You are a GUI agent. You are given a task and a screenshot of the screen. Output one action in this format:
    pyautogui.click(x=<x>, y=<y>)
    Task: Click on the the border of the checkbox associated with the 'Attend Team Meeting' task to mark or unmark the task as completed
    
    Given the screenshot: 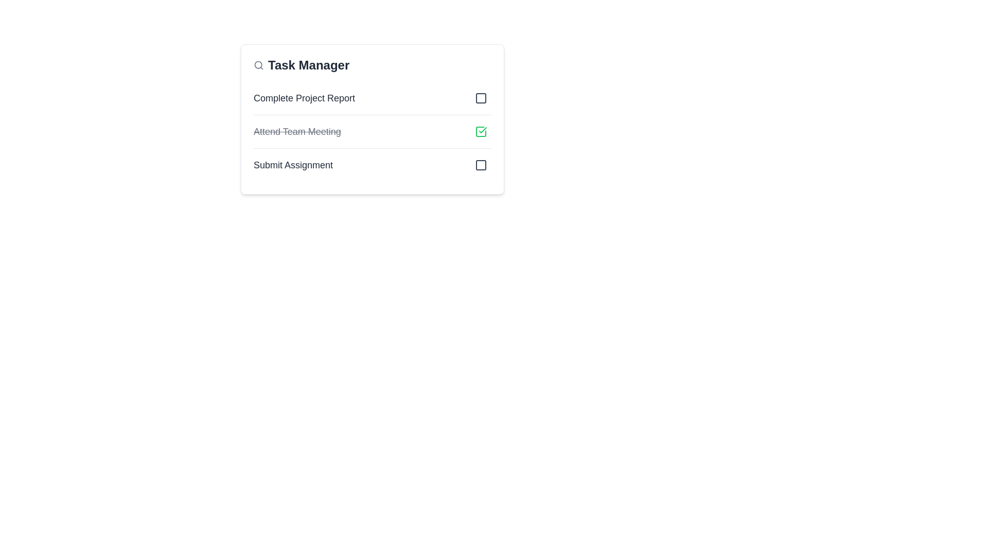 What is the action you would take?
    pyautogui.click(x=481, y=131)
    